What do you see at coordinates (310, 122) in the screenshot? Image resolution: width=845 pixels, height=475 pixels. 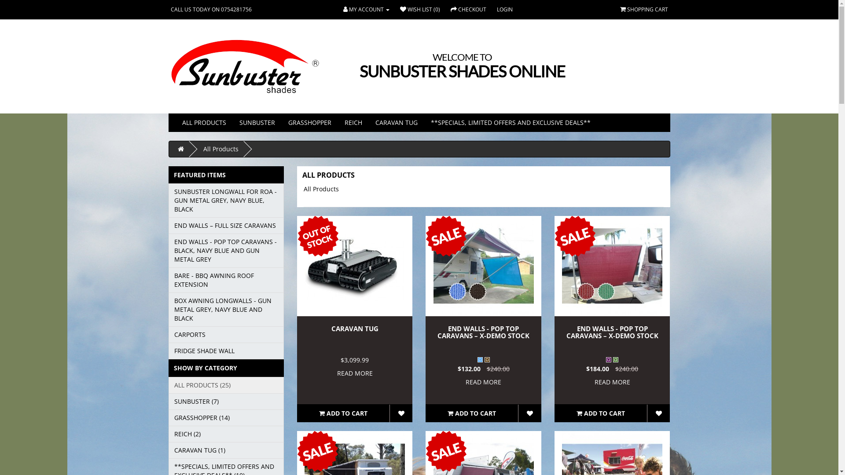 I see `'GRASSHOPPER'` at bounding box center [310, 122].